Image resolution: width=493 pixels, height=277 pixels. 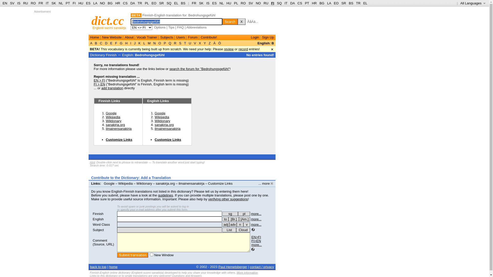 What do you see at coordinates (38, 3) in the screenshot?
I see `'FR'` at bounding box center [38, 3].